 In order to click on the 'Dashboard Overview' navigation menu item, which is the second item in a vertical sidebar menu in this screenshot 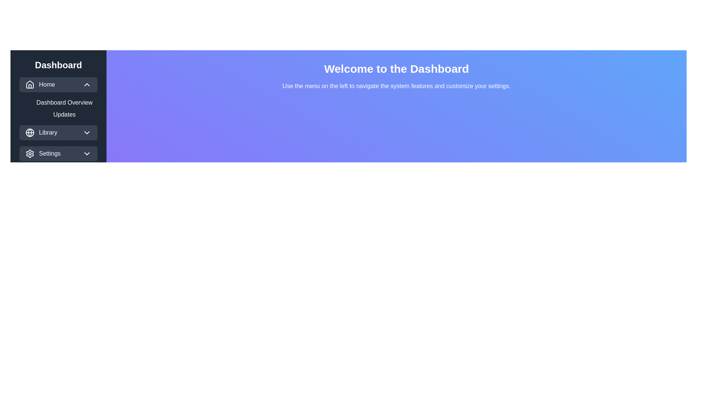, I will do `click(64, 102)`.